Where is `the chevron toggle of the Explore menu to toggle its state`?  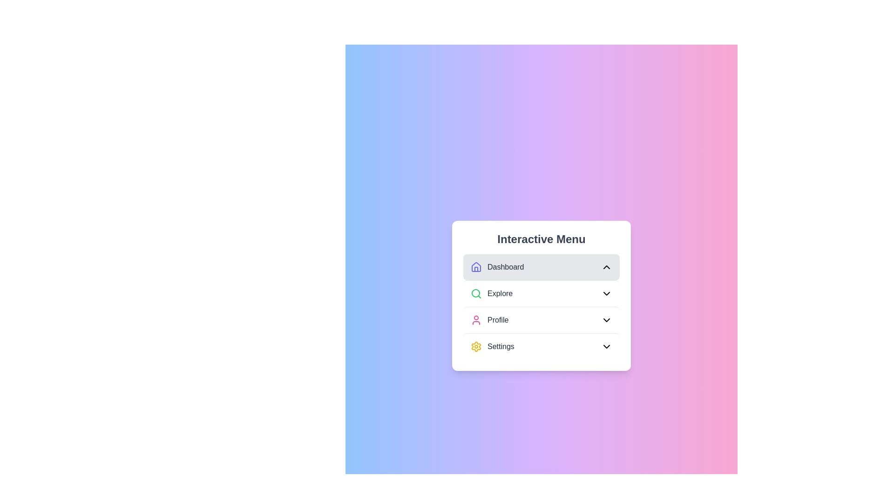 the chevron toggle of the Explore menu to toggle its state is located at coordinates (606, 293).